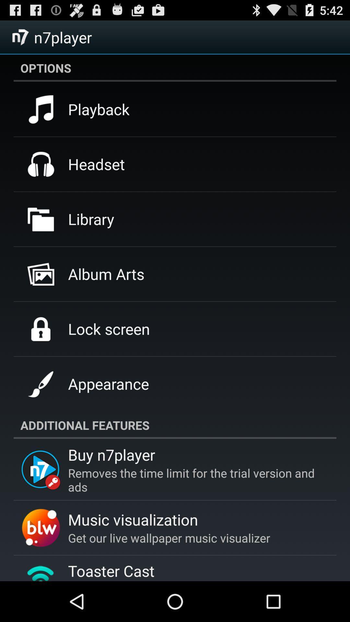 The height and width of the screenshot is (622, 350). What do you see at coordinates (194, 480) in the screenshot?
I see `the icon below the buy n7player` at bounding box center [194, 480].